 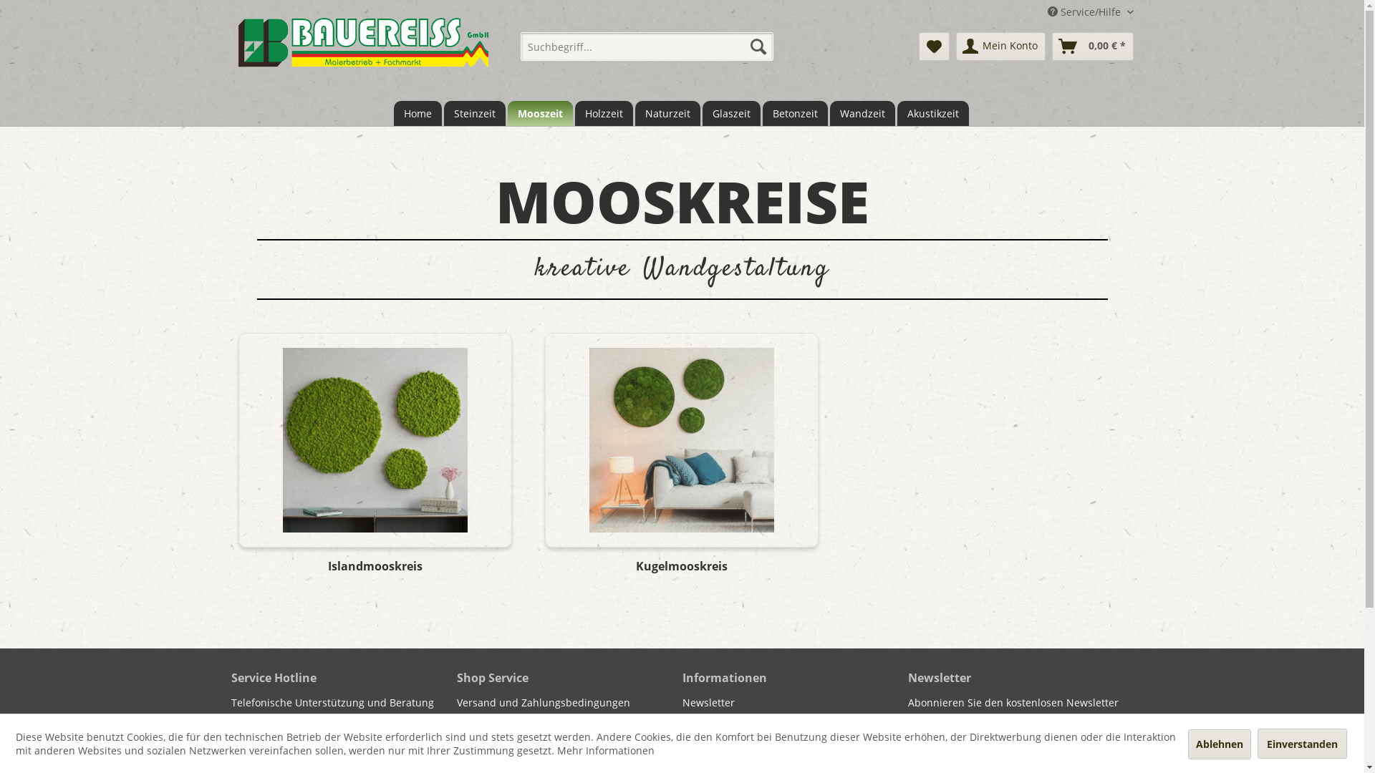 What do you see at coordinates (565, 753) in the screenshot?
I see `'AGB'` at bounding box center [565, 753].